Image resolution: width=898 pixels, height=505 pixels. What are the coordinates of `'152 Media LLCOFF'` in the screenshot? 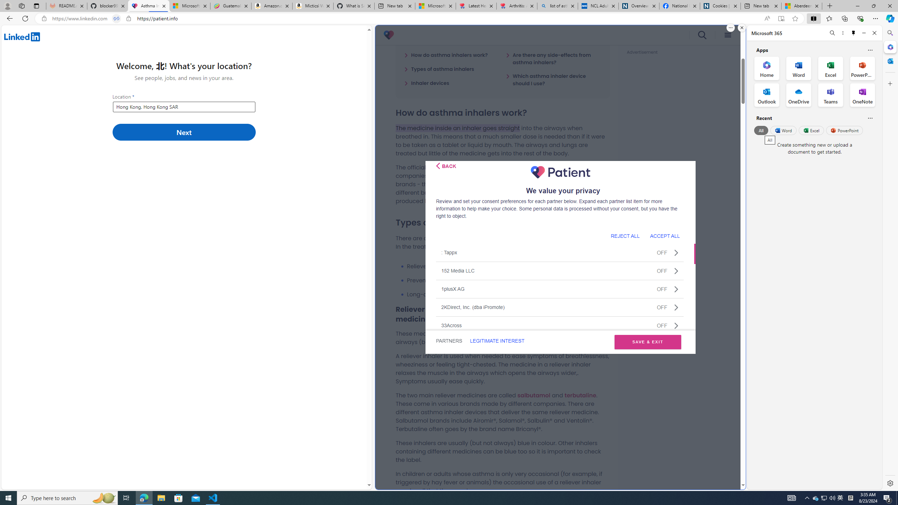 It's located at (559, 270).